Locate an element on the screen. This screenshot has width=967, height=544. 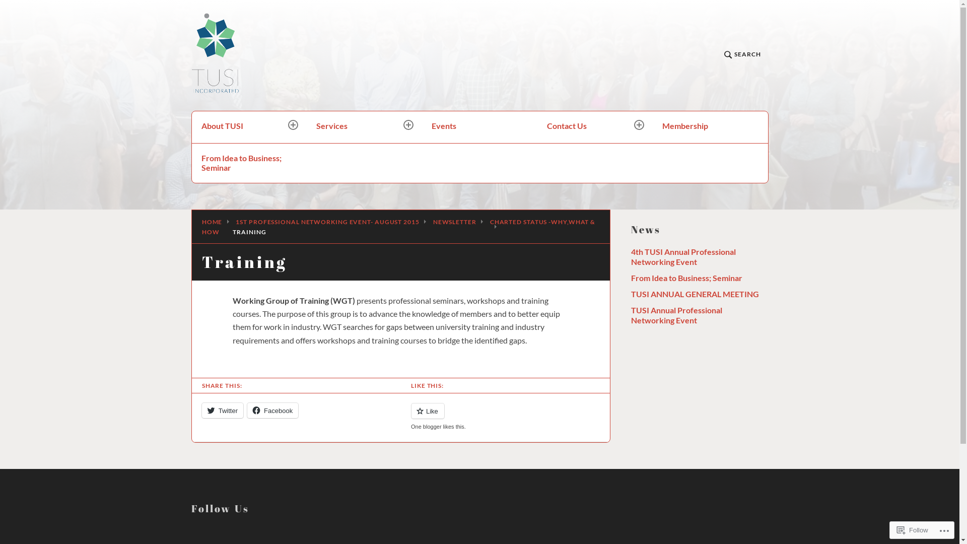
'CHARTED STATUS -WHY,WHAT & HOW' is located at coordinates (398, 227).